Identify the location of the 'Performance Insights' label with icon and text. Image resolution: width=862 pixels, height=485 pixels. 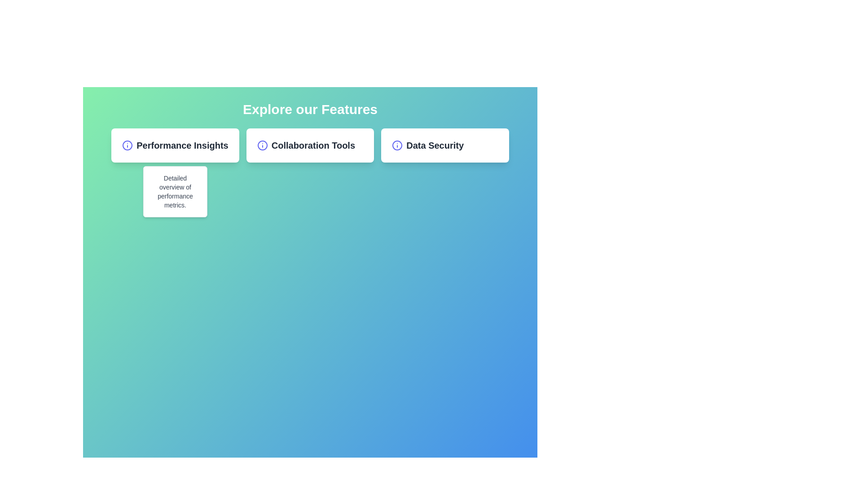
(175, 145).